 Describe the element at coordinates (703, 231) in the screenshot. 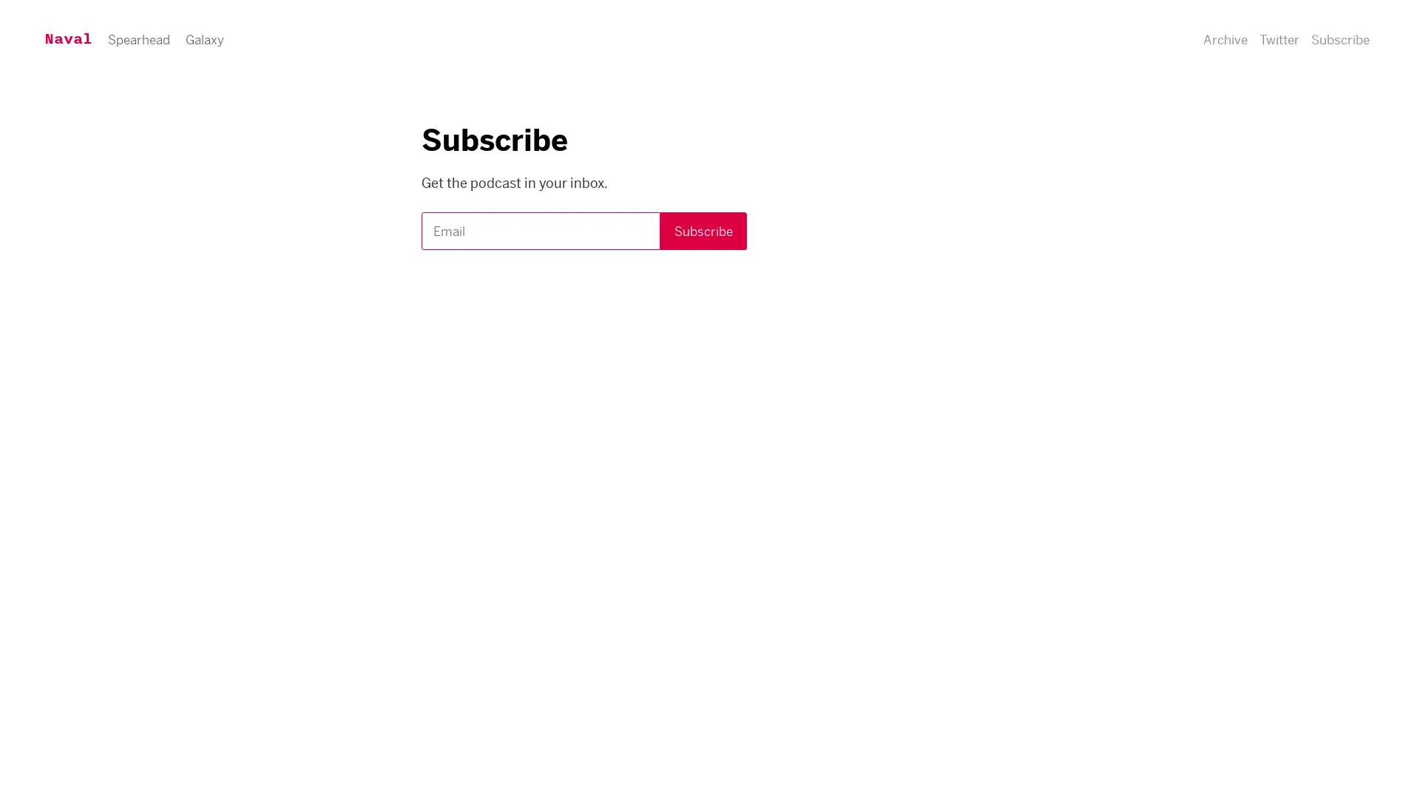

I see `Subscribe` at that location.